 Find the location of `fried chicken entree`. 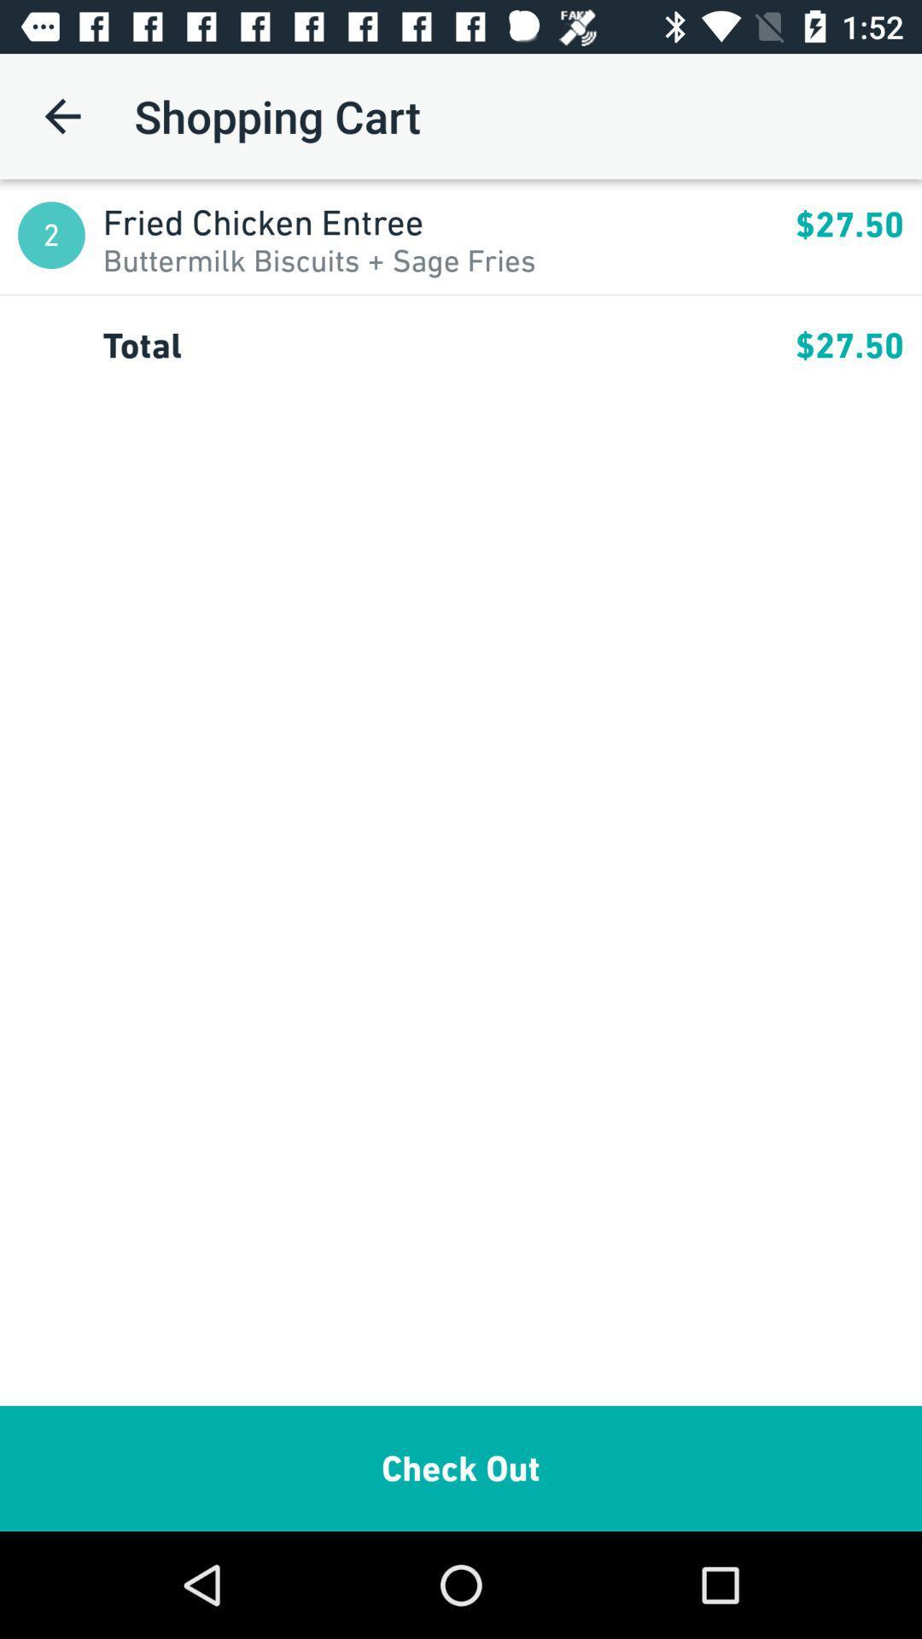

fried chicken entree is located at coordinates (448, 221).